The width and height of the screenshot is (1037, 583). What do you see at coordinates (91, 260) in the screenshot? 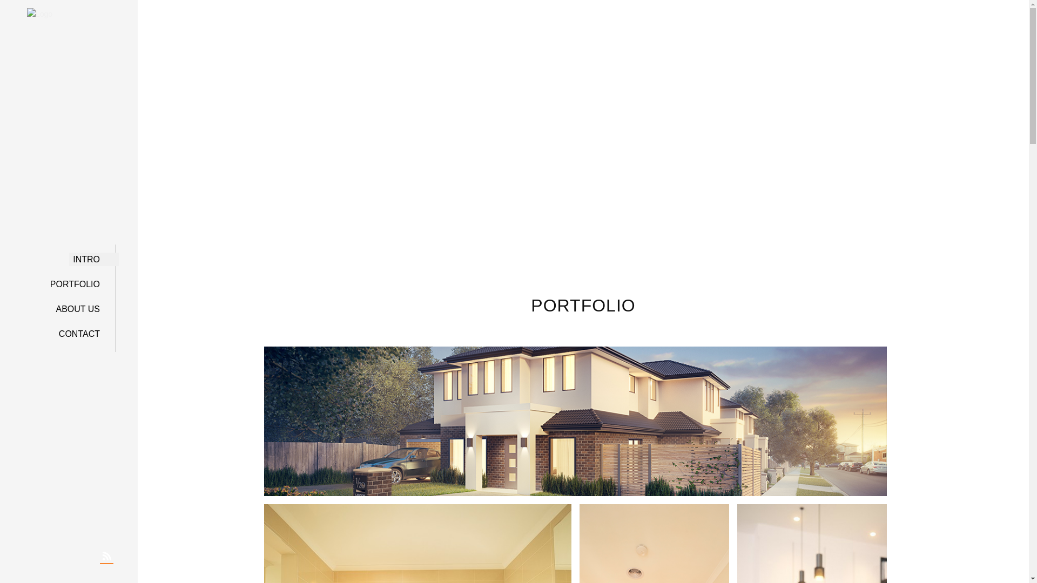
I see `'INTRO'` at bounding box center [91, 260].